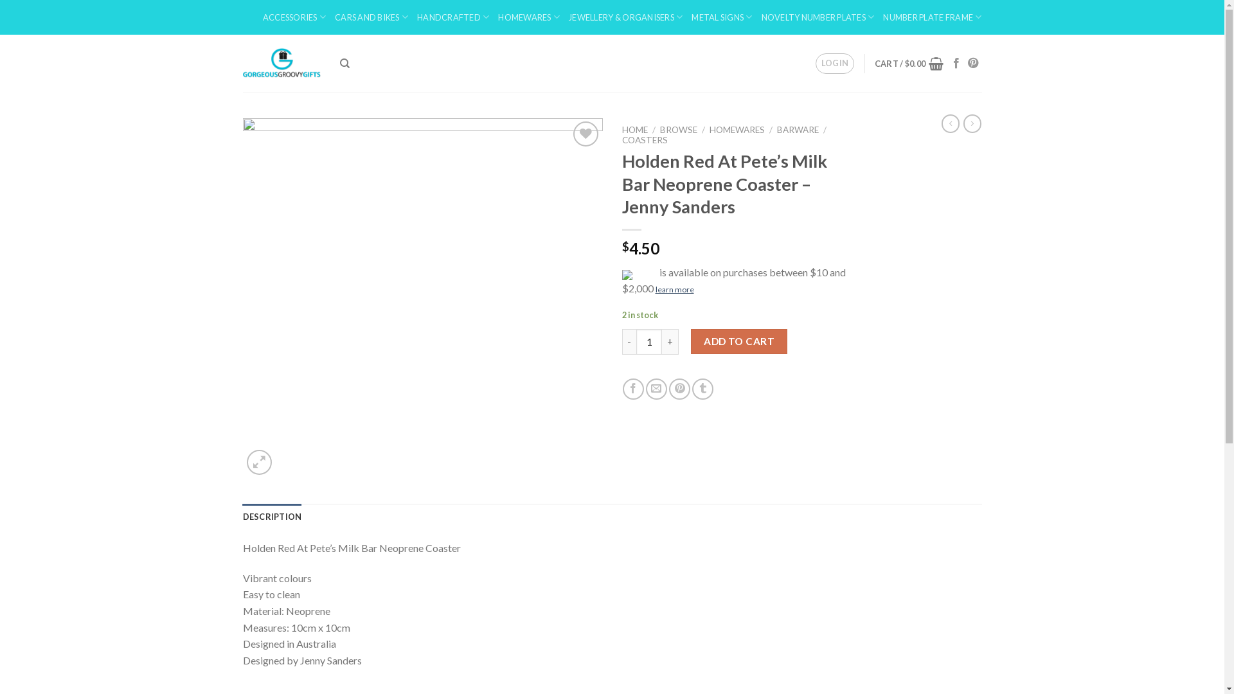 This screenshot has width=1234, height=694. Describe the element at coordinates (722, 17) in the screenshot. I see `'METAL SIGNS'` at that location.